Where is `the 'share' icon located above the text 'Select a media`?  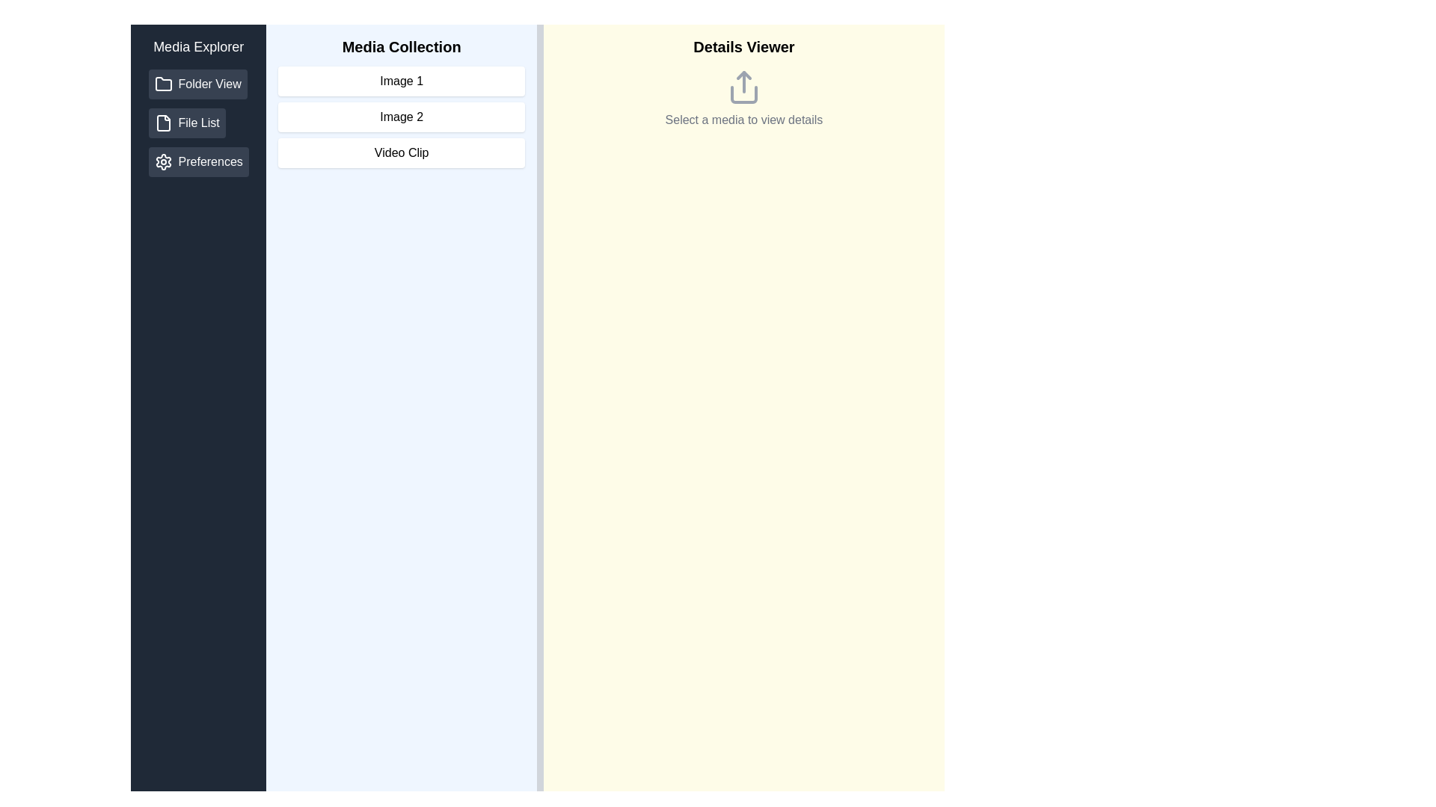 the 'share' icon located above the text 'Select a media is located at coordinates (743, 87).